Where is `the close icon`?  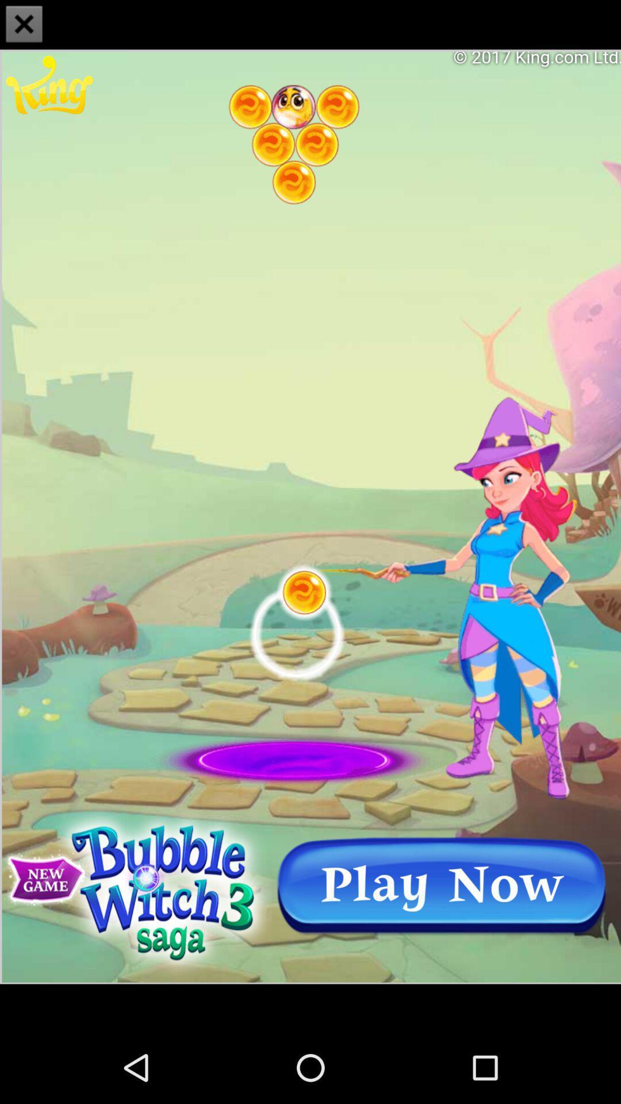
the close icon is located at coordinates (24, 25).